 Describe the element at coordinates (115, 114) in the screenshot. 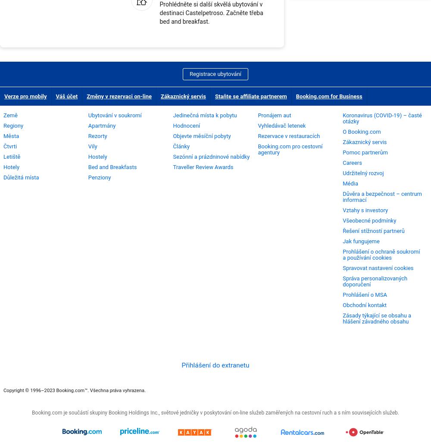

I see `'Ubytování v soukromí'` at that location.